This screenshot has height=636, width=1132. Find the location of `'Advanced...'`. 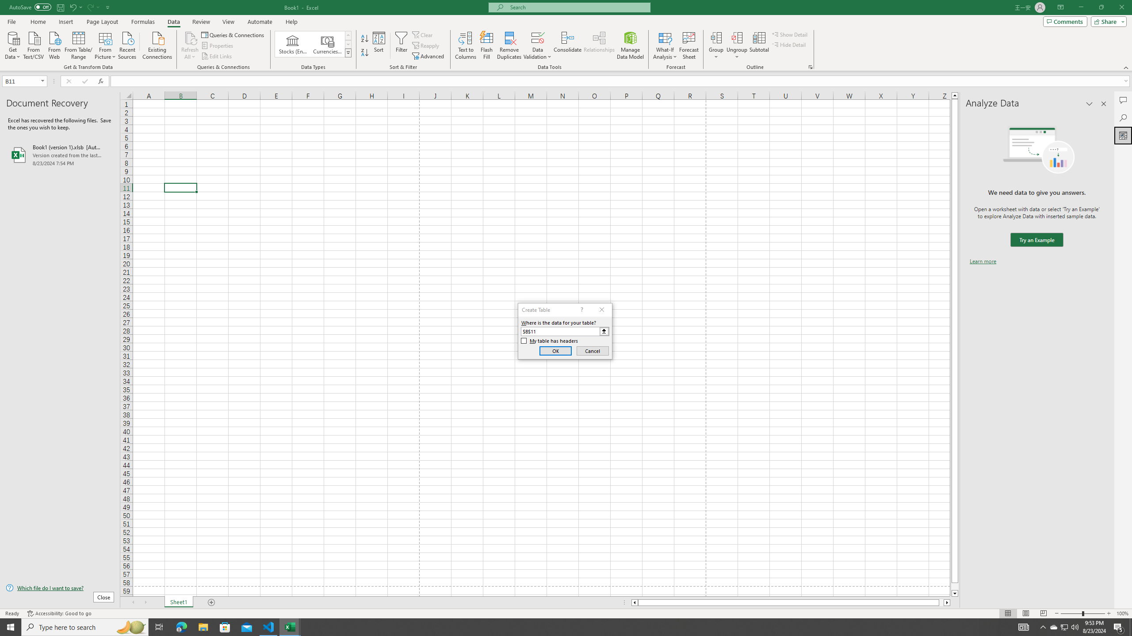

'Advanced...' is located at coordinates (429, 56).